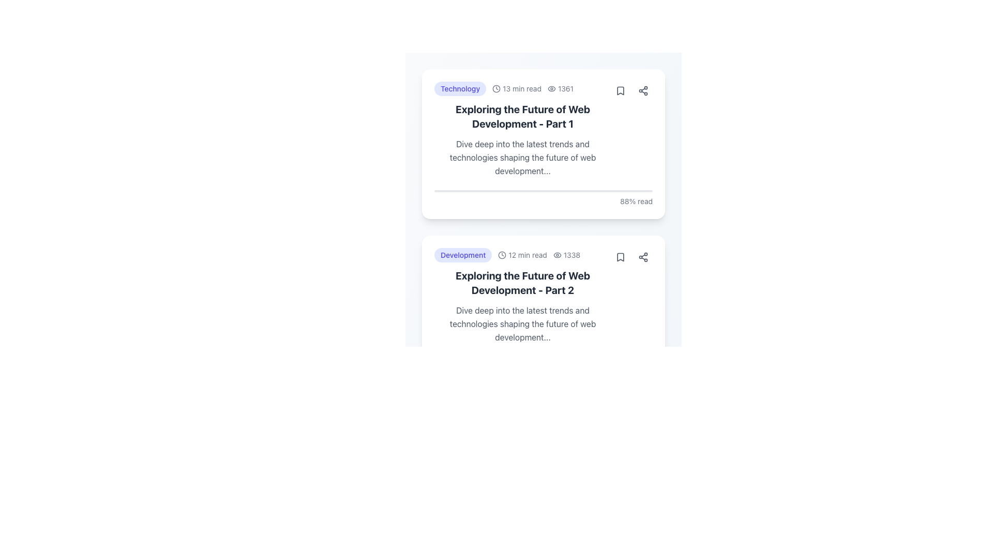 This screenshot has height=558, width=993. Describe the element at coordinates (556, 255) in the screenshot. I see `the eye icon that indicates view count, located under the title 'Exploring the Future of Web Development - Part 2'` at that location.